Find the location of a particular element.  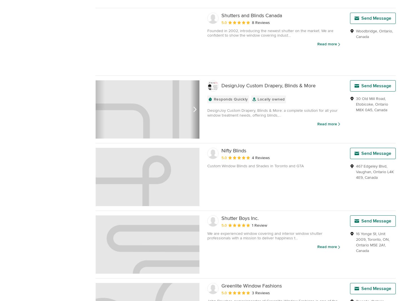

'1 Review' is located at coordinates (259, 225).